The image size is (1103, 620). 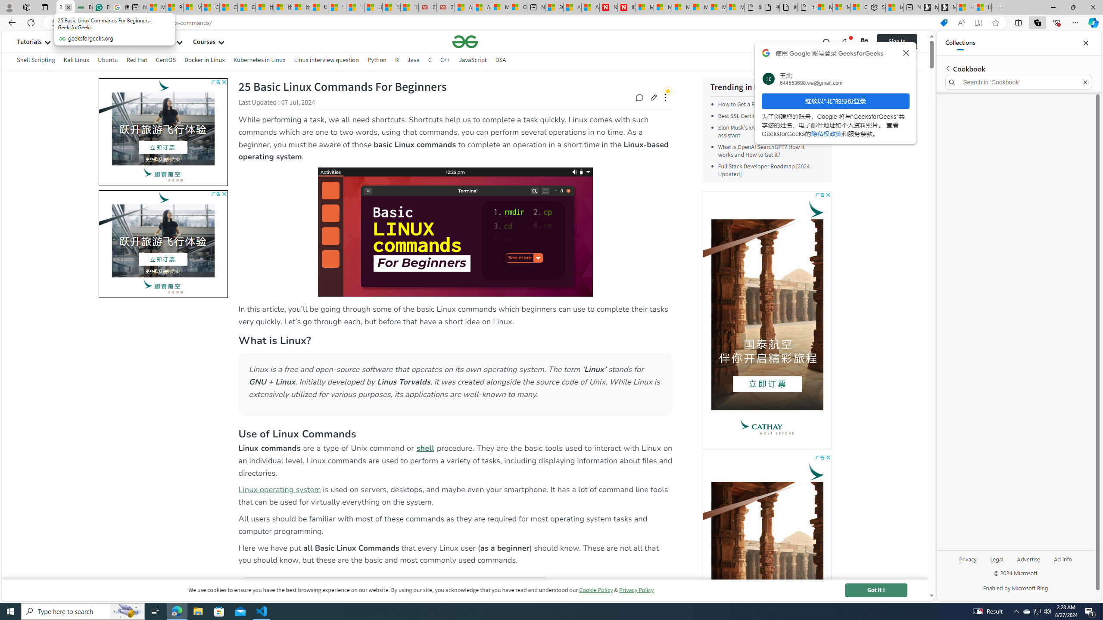 What do you see at coordinates (137, 59) in the screenshot?
I see `'Red Hat'` at bounding box center [137, 59].